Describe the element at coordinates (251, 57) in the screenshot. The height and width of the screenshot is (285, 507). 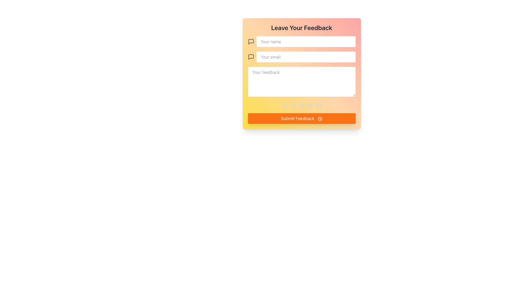
I see `the icon that serves as a visual label for the adjacent email input field located near the top-left of the feedback form` at that location.